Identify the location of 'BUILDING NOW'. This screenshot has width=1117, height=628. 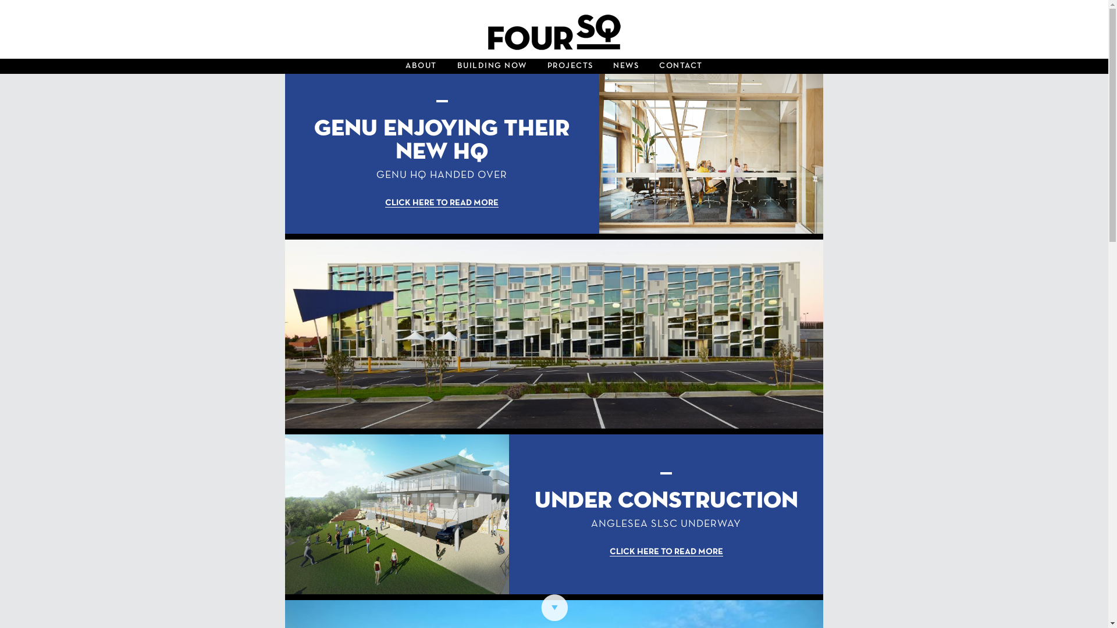
(447, 66).